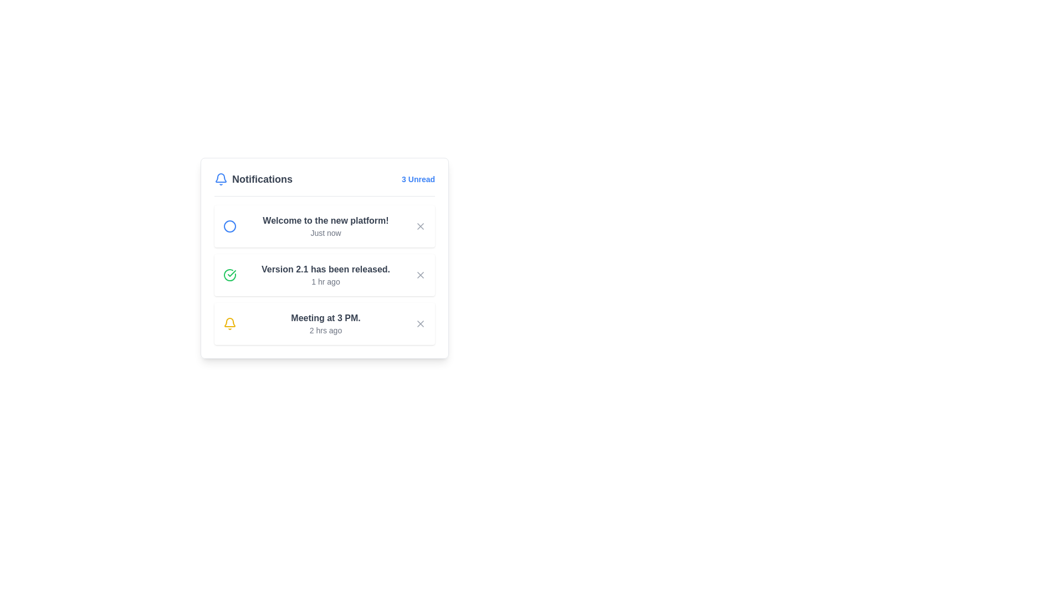 This screenshot has width=1064, height=598. What do you see at coordinates (229, 225) in the screenshot?
I see `the circular SVG icon with a blue stroke located within the notification card preceding the message 'Welcome to the new platform!'` at bounding box center [229, 225].